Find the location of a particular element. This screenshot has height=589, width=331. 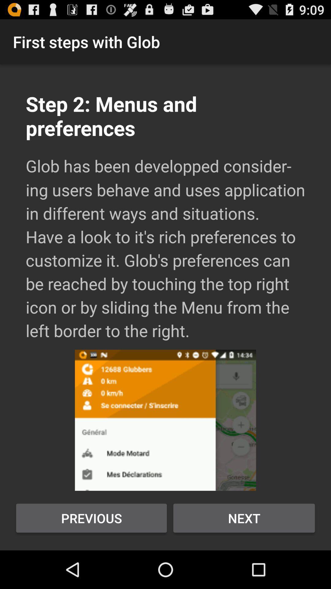

next button is located at coordinates (244, 518).